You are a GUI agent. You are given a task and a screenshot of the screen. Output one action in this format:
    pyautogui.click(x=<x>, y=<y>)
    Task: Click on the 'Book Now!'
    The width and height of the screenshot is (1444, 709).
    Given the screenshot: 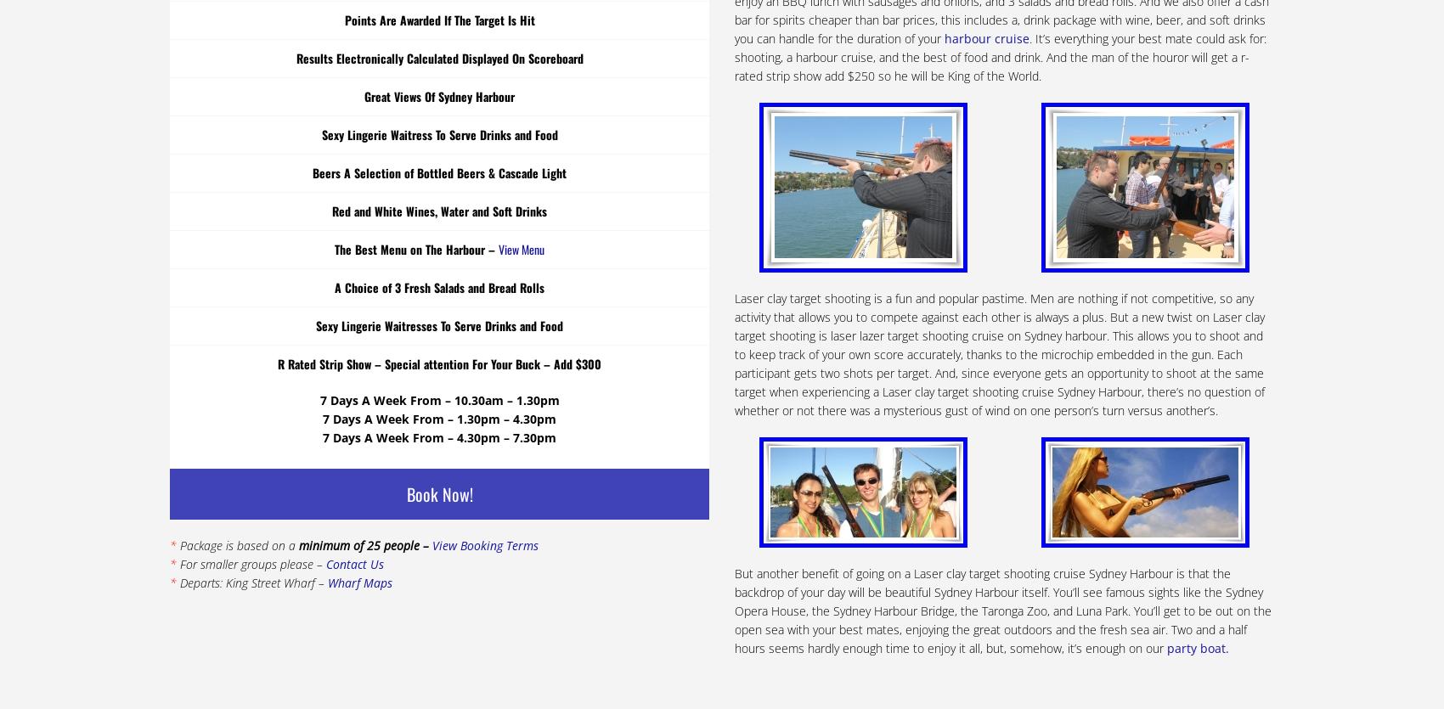 What is the action you would take?
    pyautogui.click(x=406, y=492)
    